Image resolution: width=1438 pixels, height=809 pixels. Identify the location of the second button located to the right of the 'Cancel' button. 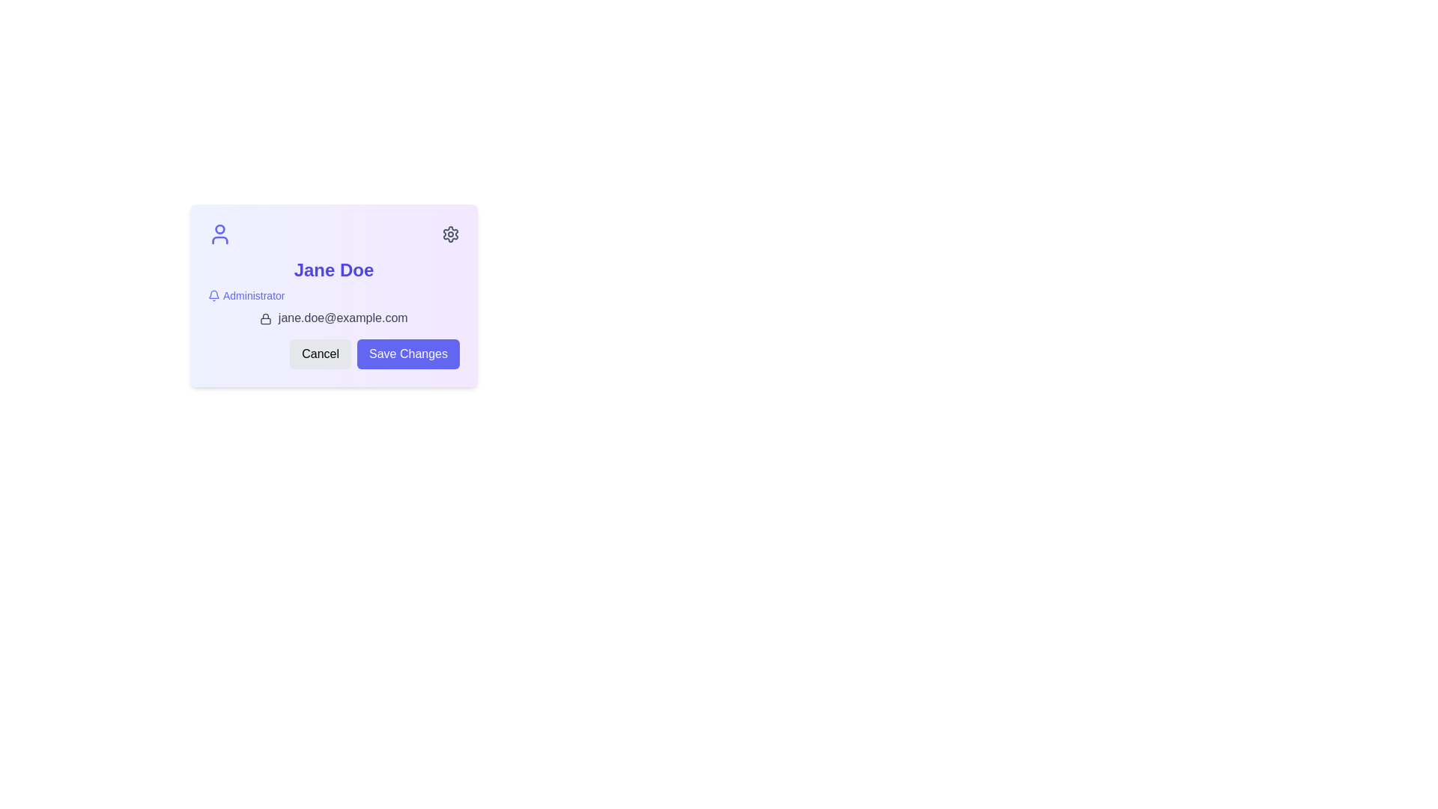
(408, 354).